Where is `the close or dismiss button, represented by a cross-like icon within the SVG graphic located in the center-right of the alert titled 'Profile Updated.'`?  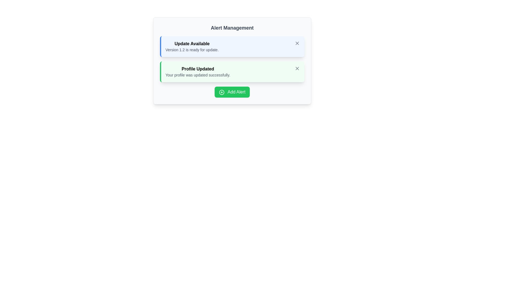 the close or dismiss button, represented by a cross-like icon within the SVG graphic located in the center-right of the alert titled 'Profile Updated.' is located at coordinates (297, 68).